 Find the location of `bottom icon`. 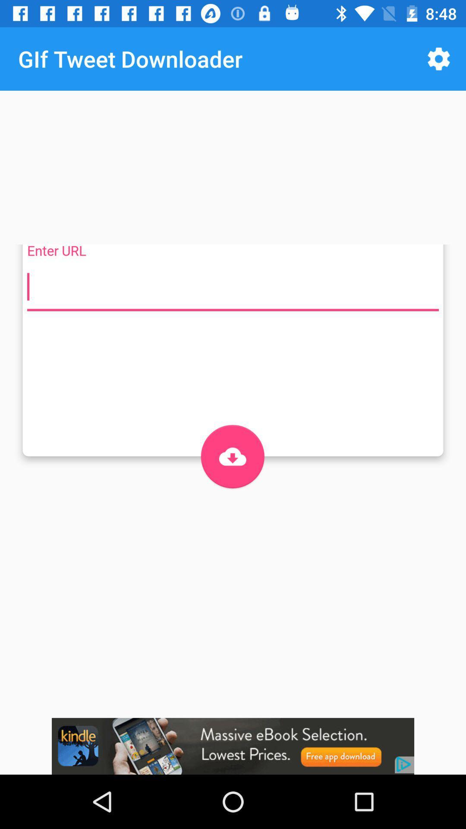

bottom icon is located at coordinates (232, 456).